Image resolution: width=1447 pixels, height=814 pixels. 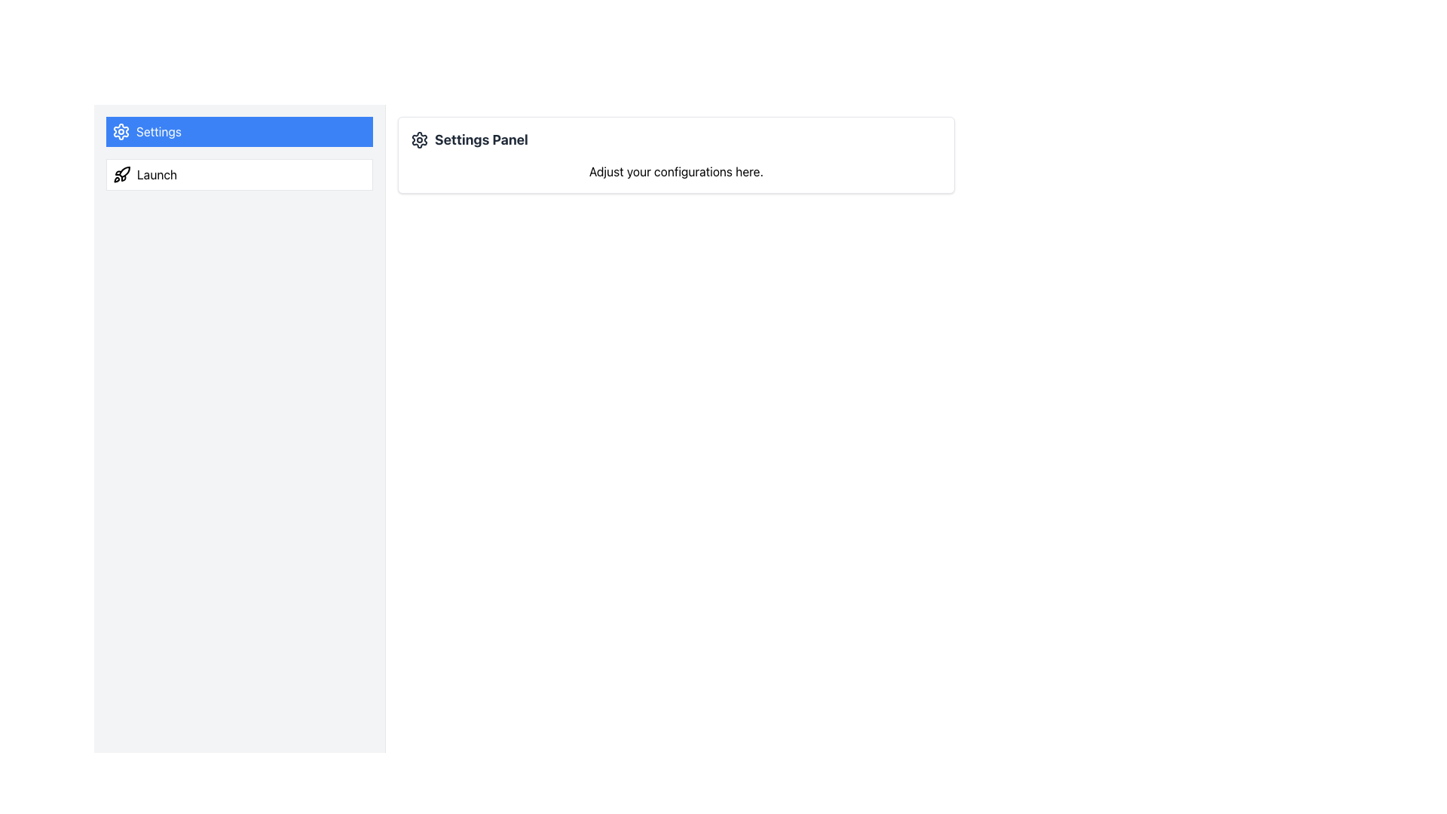 I want to click on the static text element that labels the item associated with launching, positioned to the right of the rocket icon, so click(x=157, y=173).